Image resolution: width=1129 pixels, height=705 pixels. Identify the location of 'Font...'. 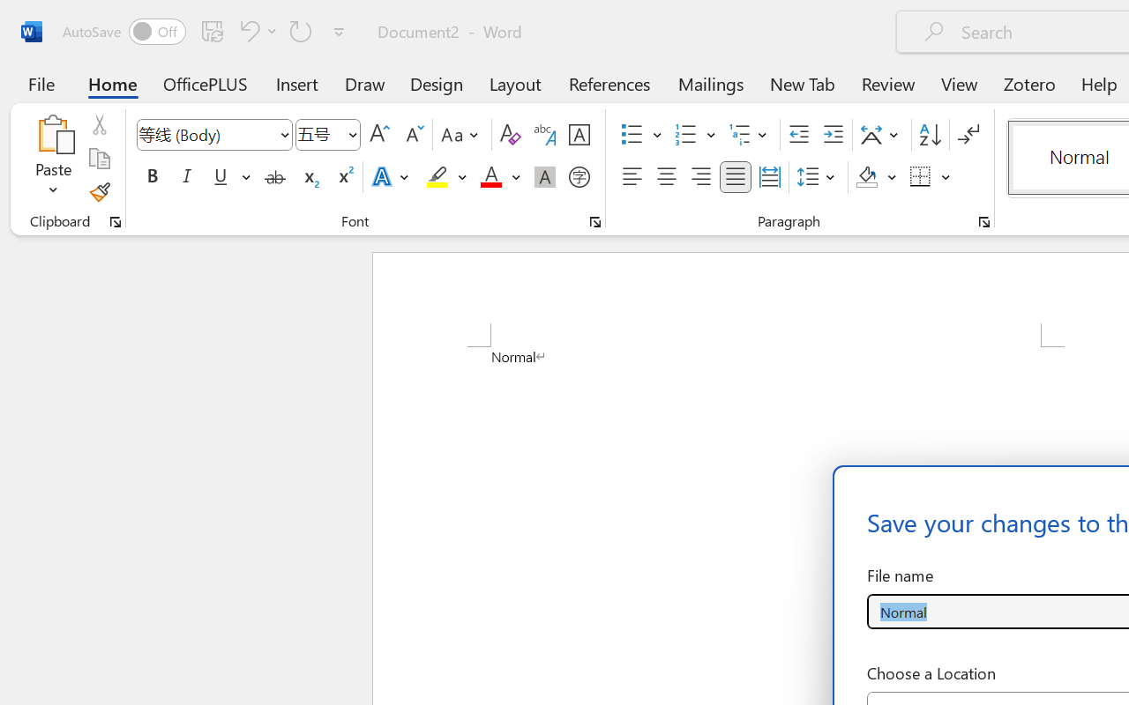
(595, 221).